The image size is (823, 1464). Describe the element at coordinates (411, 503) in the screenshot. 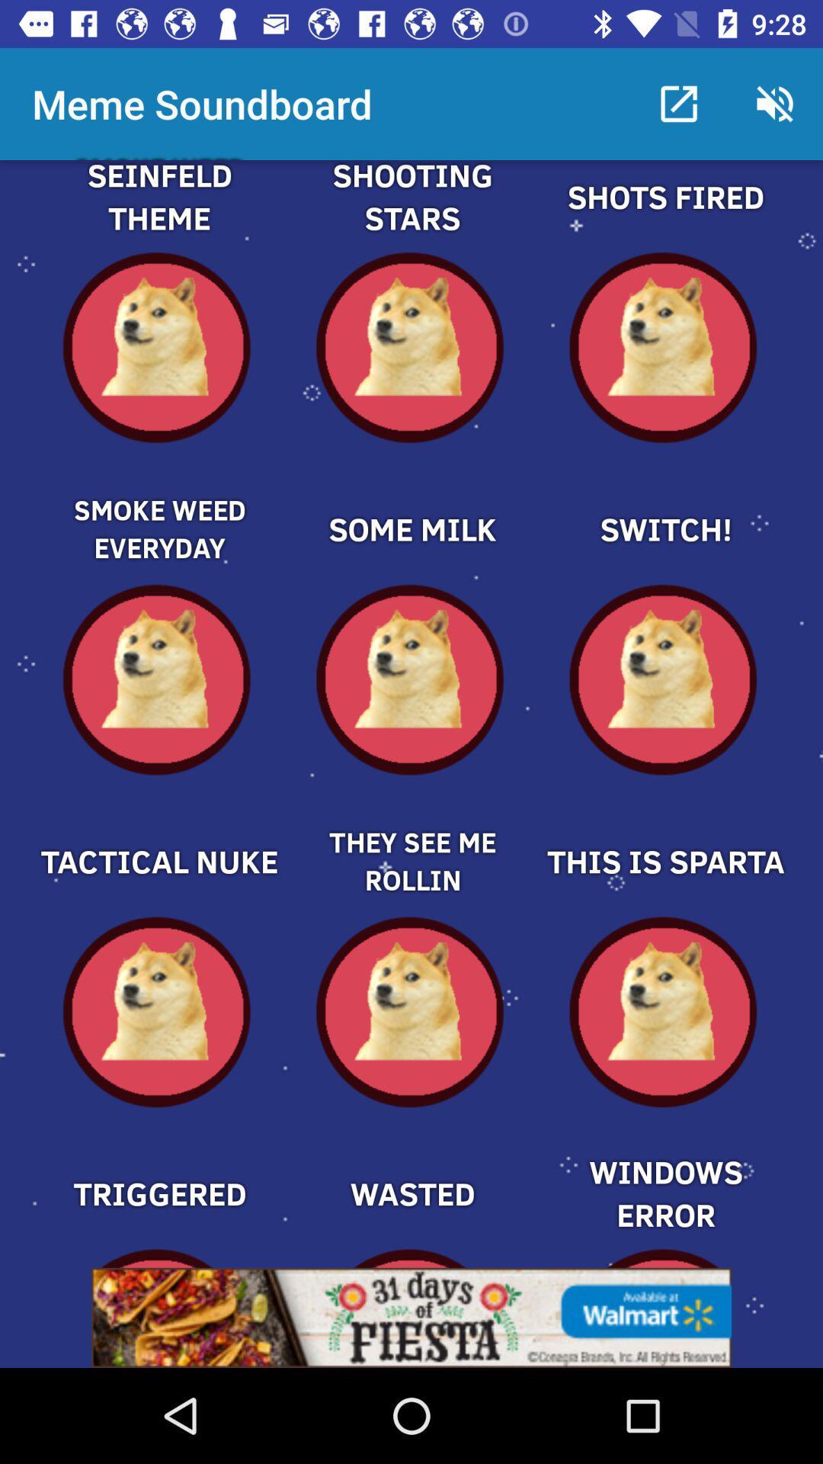

I see `displayed sound` at that location.